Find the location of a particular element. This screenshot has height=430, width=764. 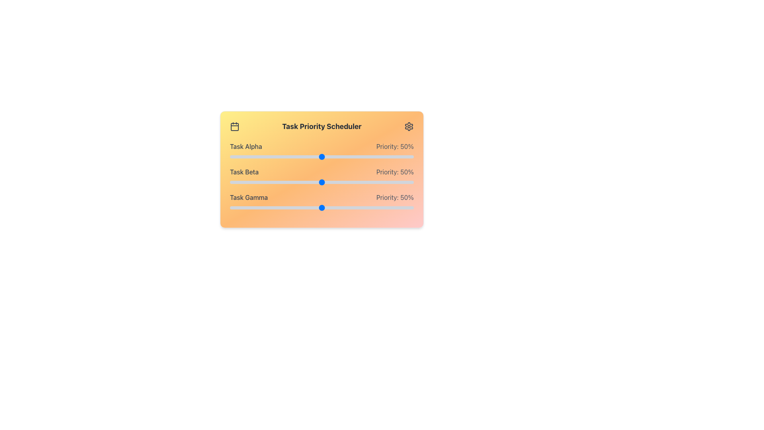

the text label displaying 'Priority: 50%' that is located on the far-right side of the third task row in the Task Priority Scheduler interface is located at coordinates (395, 197).